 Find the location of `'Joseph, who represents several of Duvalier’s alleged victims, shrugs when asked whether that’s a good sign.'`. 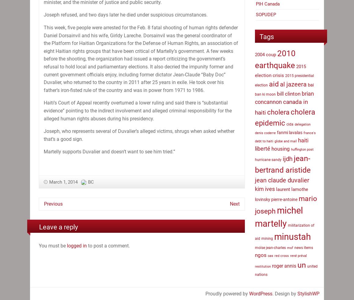

'Joseph, who represents several of Duvalier’s alleged victims, shrugs when asked whether that’s a good sign.' is located at coordinates (139, 135).